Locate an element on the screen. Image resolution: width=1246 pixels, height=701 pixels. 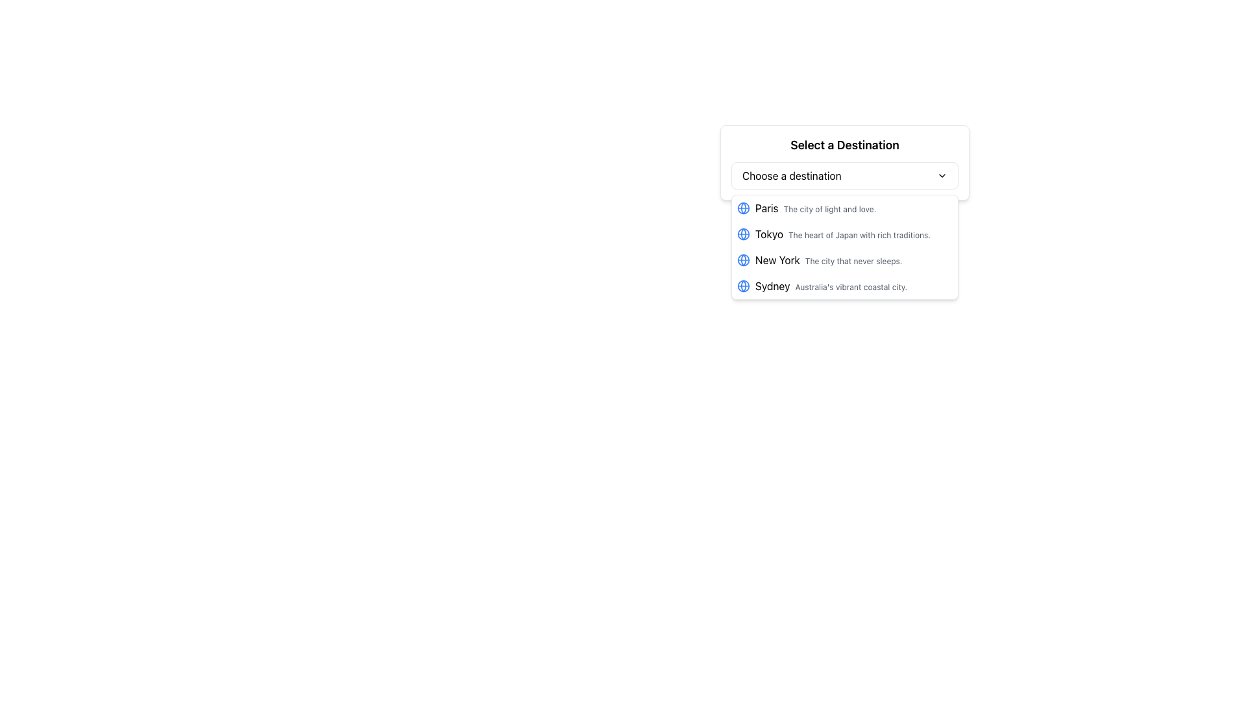
the descriptive text label for the option 'Paris' in the dropdown list, which provides additional information about the selection is located at coordinates (815, 207).